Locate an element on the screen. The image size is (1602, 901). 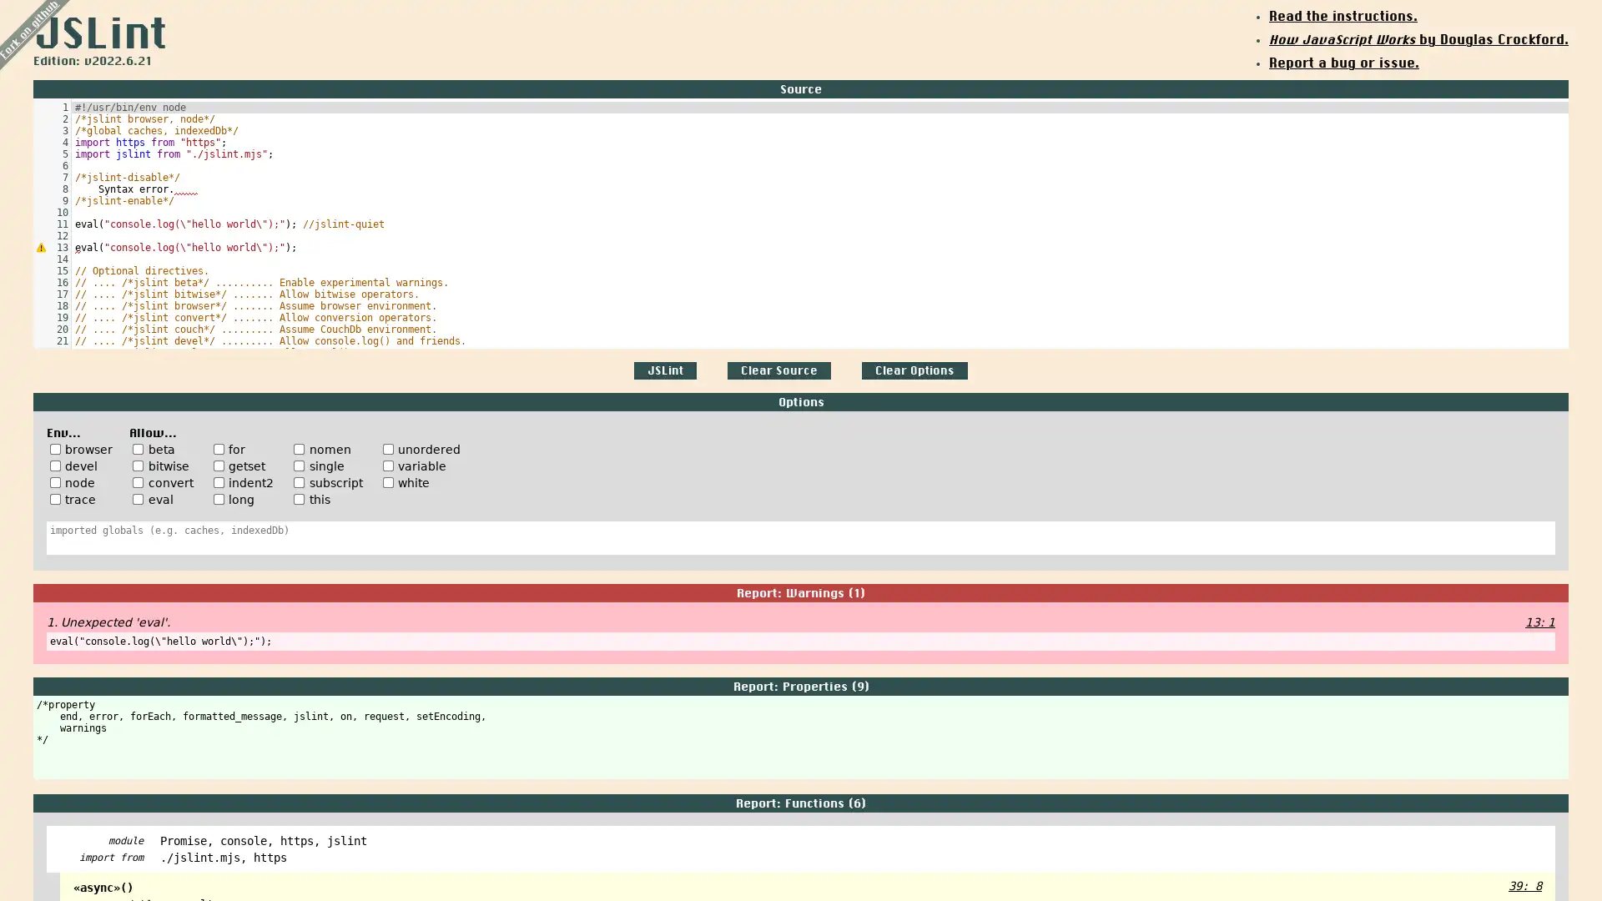
Clear Options is located at coordinates (914, 370).